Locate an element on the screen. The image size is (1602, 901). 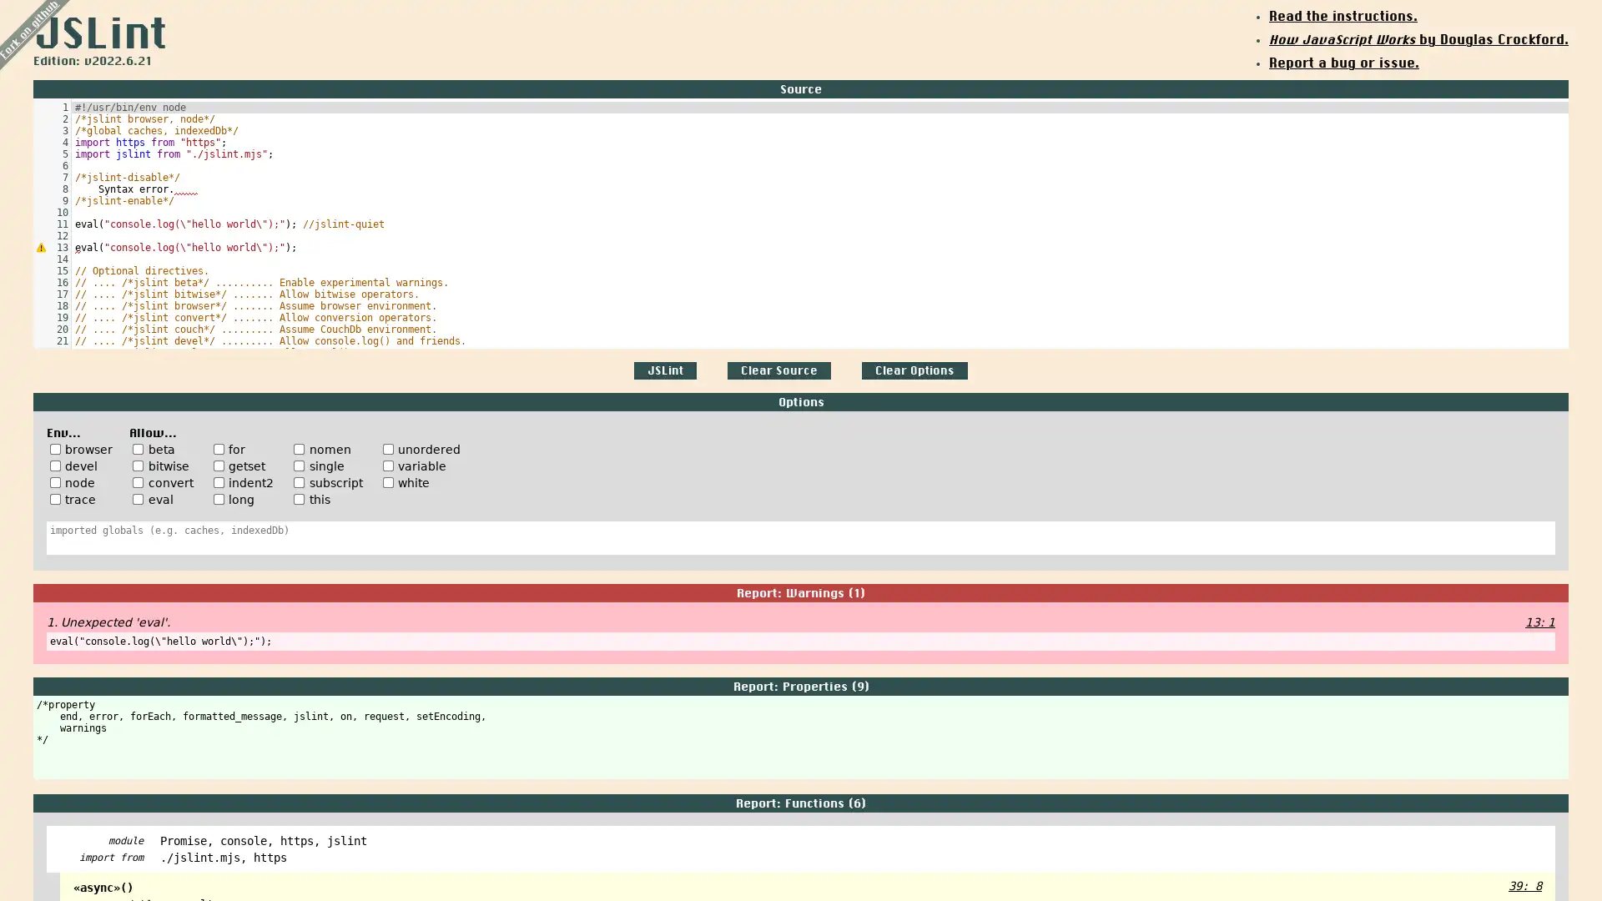
Clear Options is located at coordinates (914, 370).